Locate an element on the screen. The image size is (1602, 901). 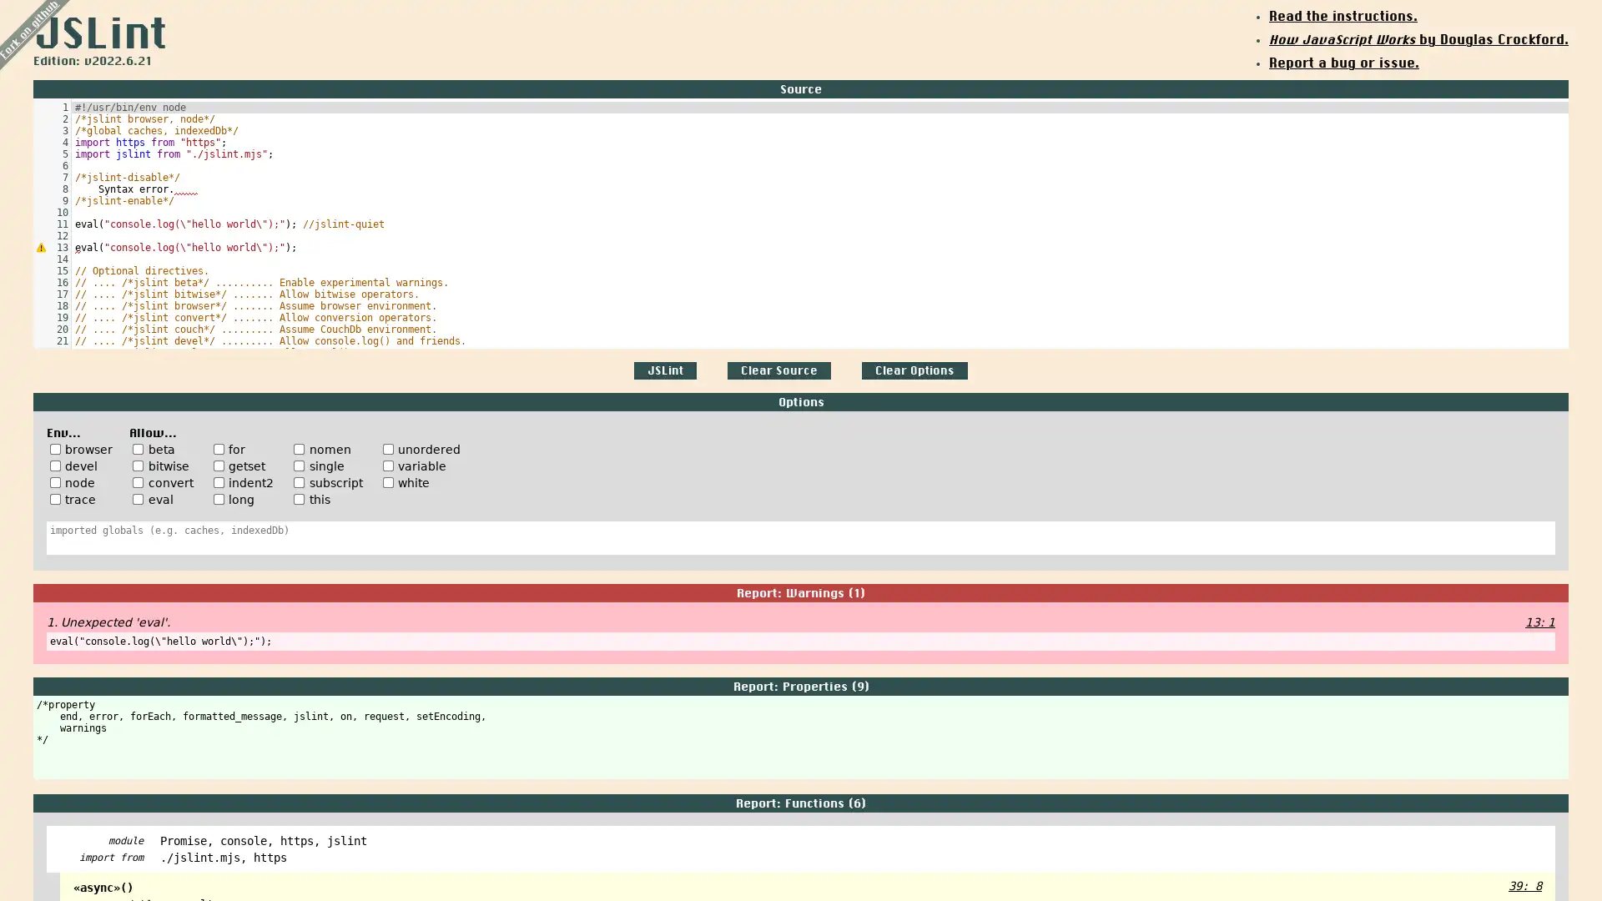
Clear Options is located at coordinates (914, 370).